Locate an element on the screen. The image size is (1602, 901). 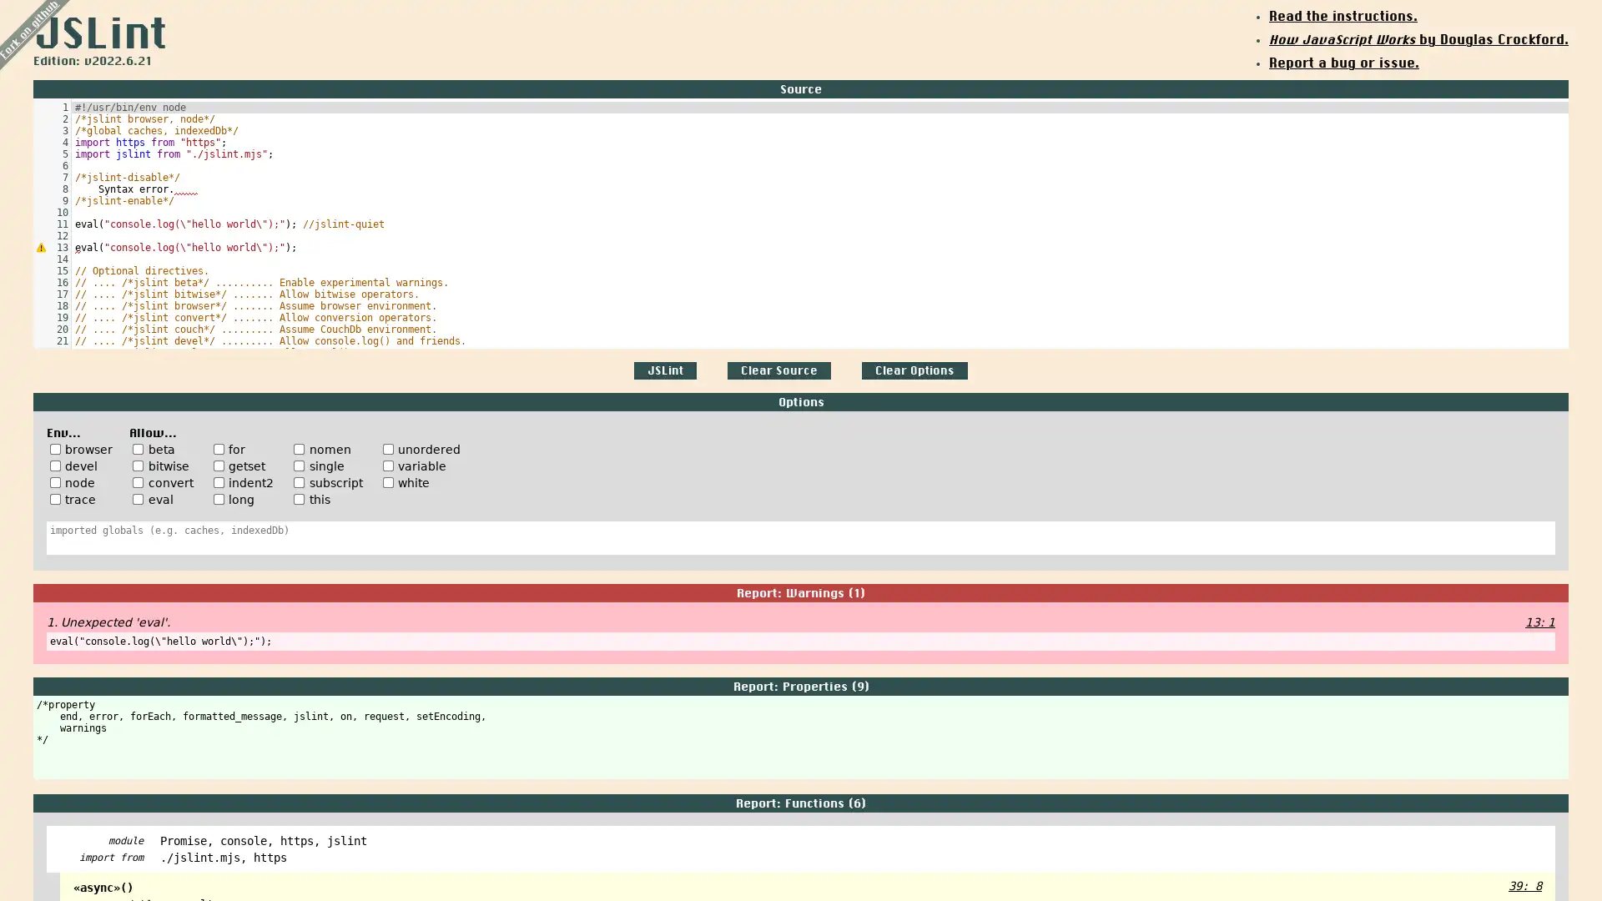
Clear Options is located at coordinates (914, 370).